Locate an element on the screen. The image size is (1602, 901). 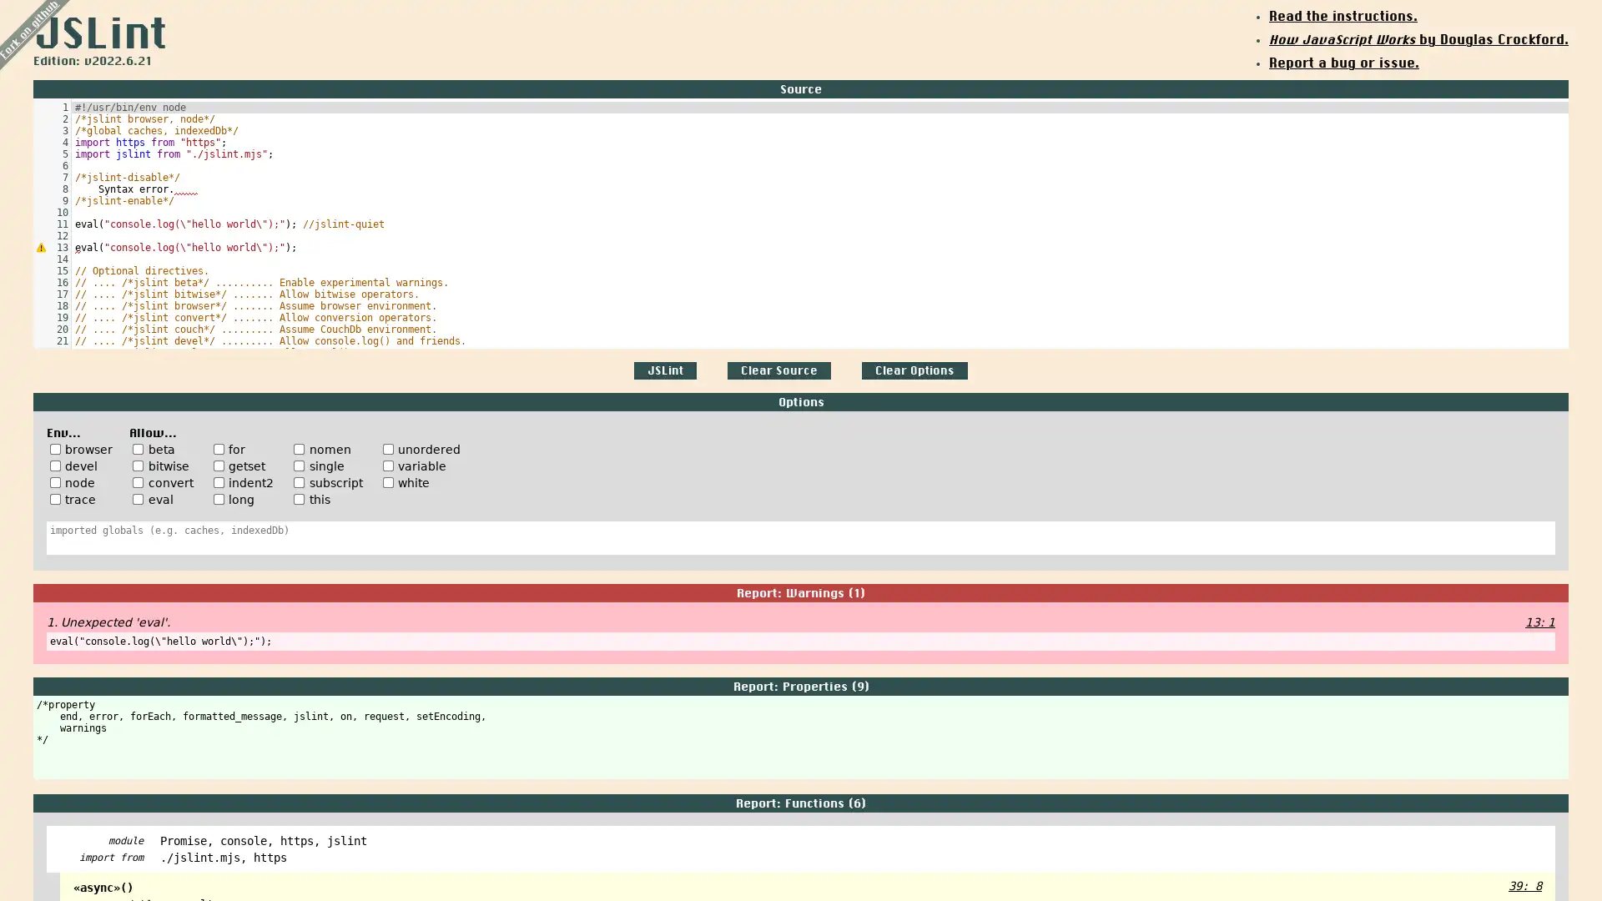
Clear Options is located at coordinates (914, 370).